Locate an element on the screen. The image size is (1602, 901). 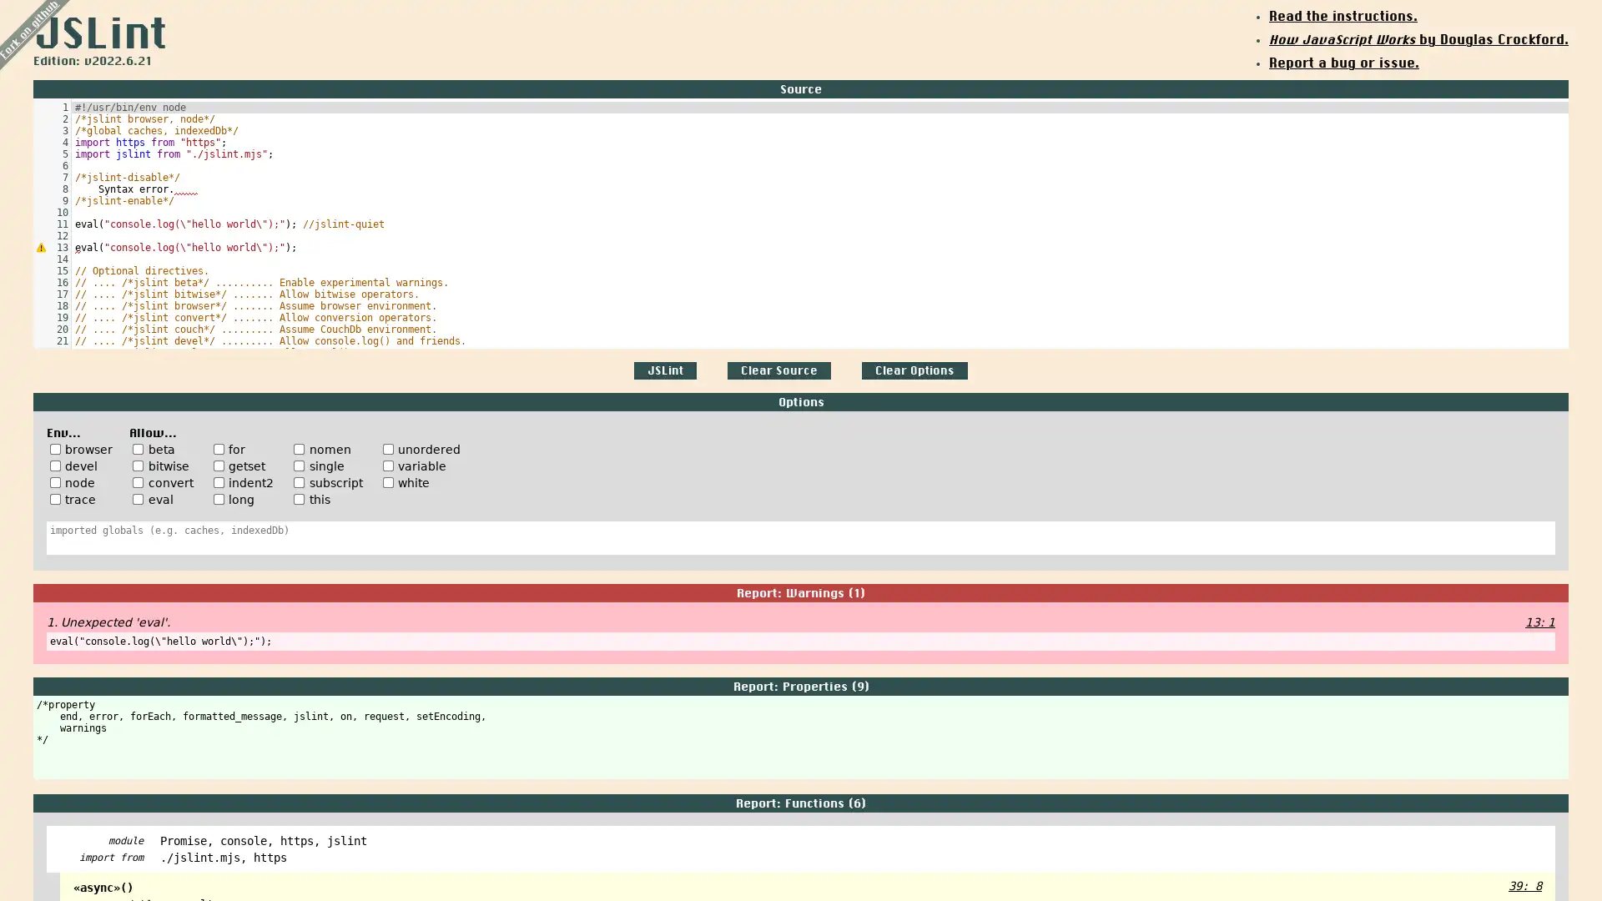
Clear Options is located at coordinates (914, 370).